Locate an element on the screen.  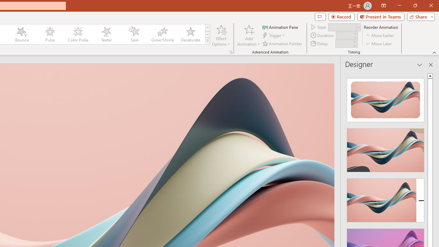
'Row Down' is located at coordinates (207, 34).